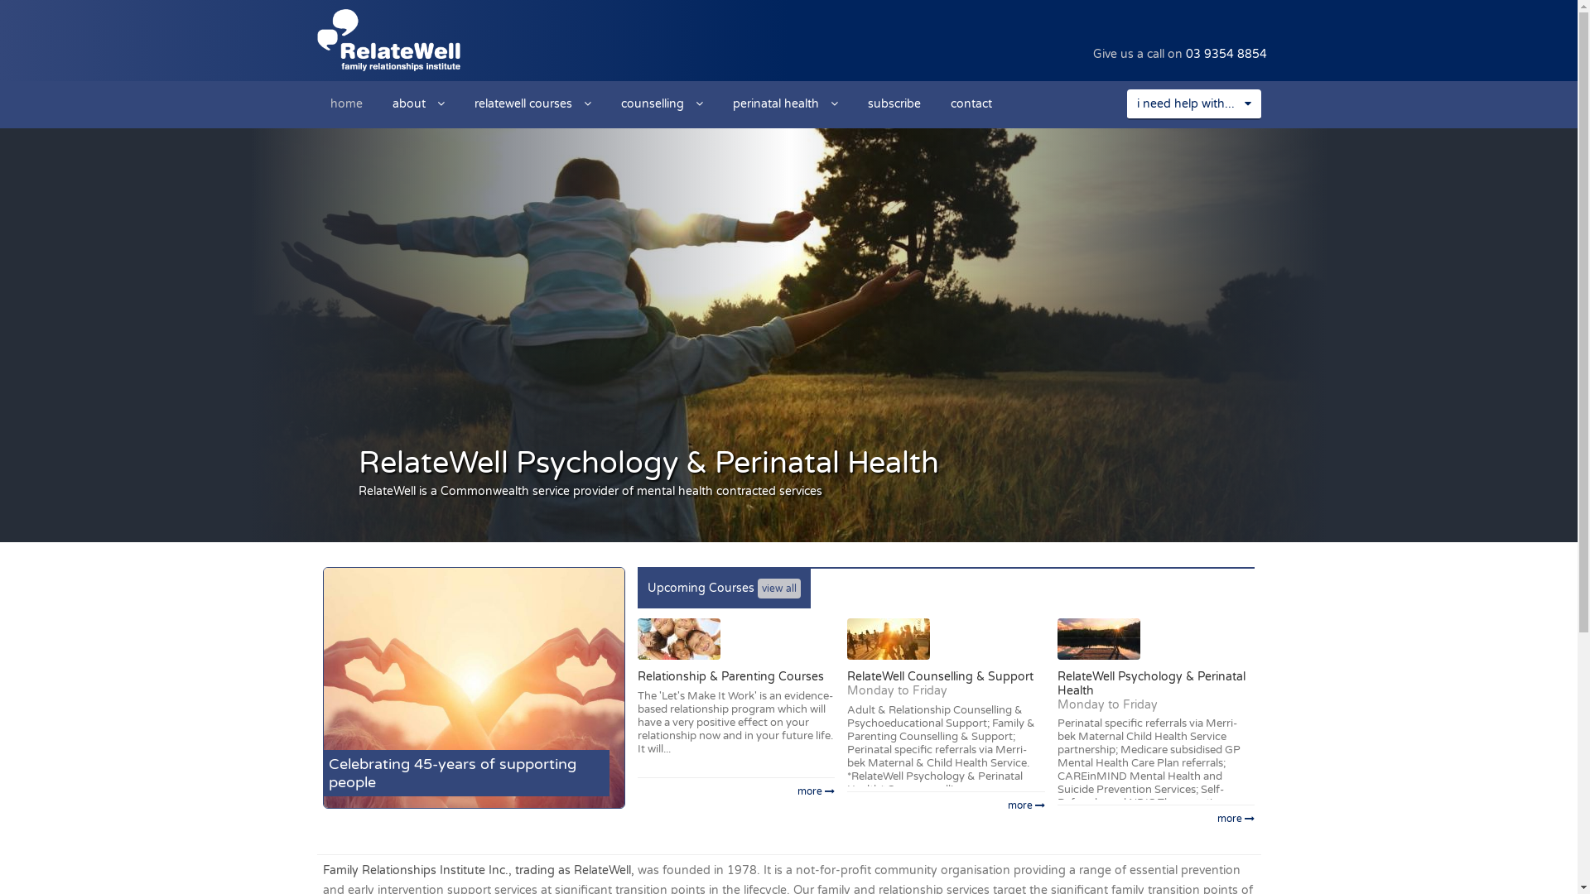  What do you see at coordinates (1125, 104) in the screenshot?
I see `'i need help with...'` at bounding box center [1125, 104].